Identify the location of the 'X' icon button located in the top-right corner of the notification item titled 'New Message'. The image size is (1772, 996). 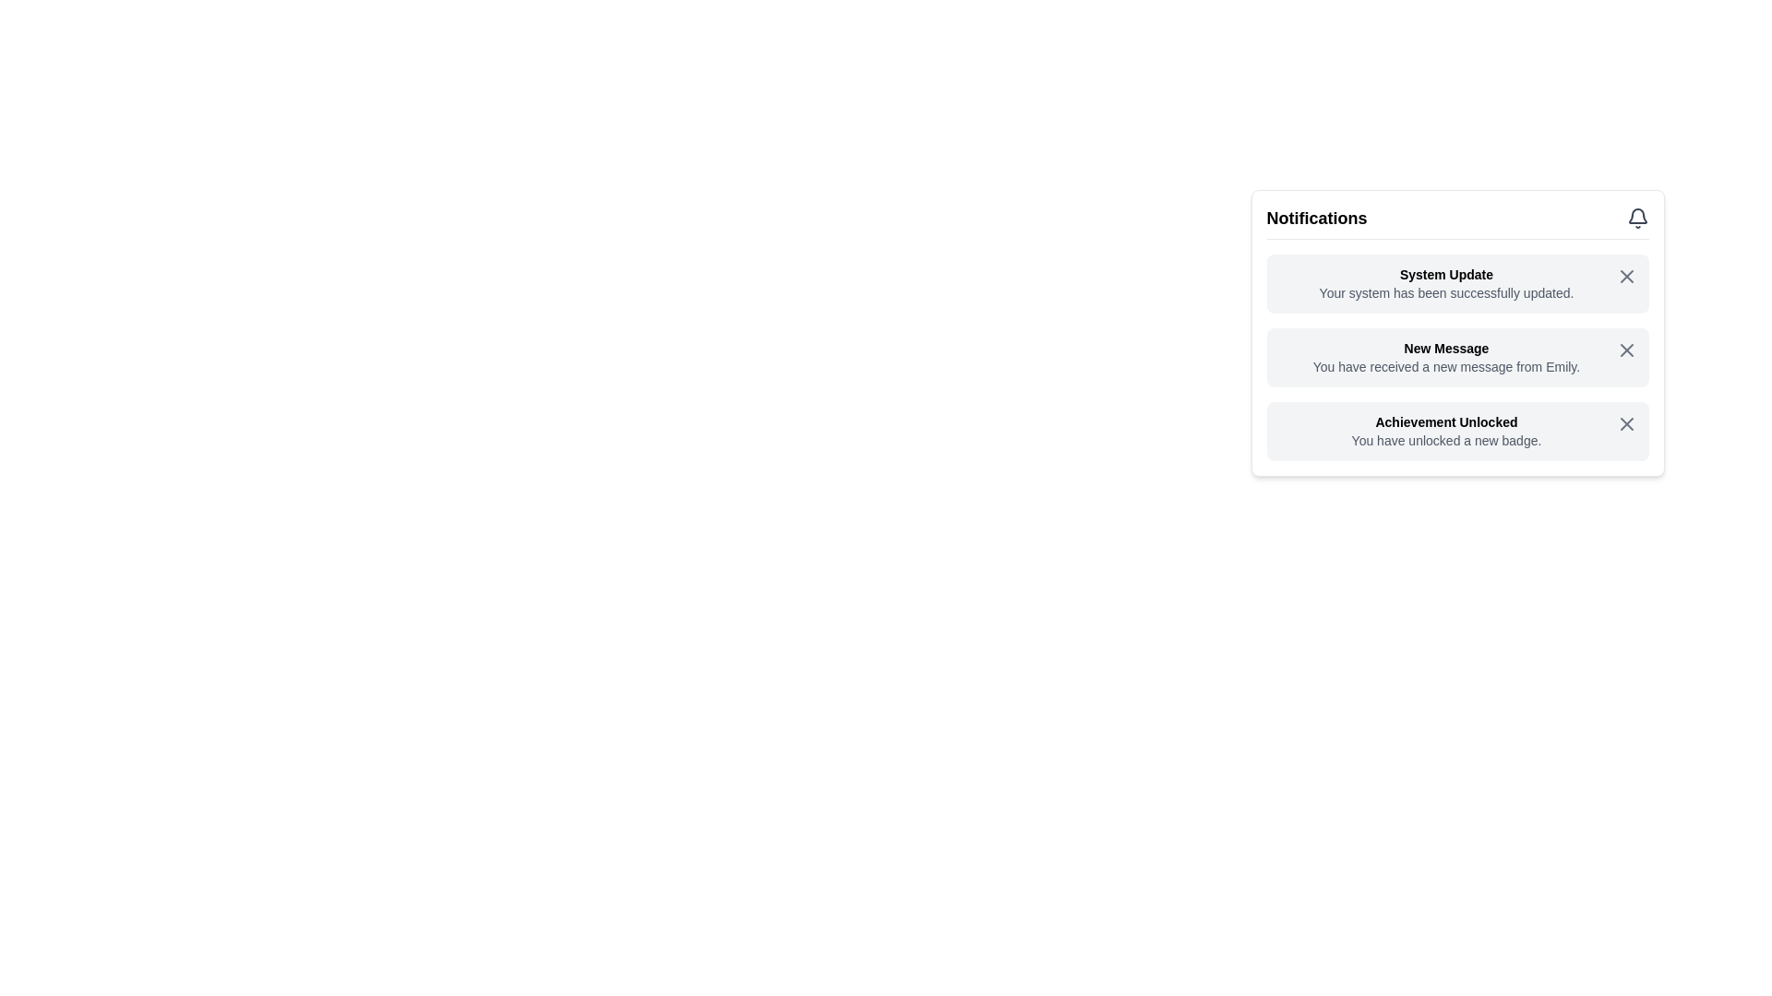
(1626, 350).